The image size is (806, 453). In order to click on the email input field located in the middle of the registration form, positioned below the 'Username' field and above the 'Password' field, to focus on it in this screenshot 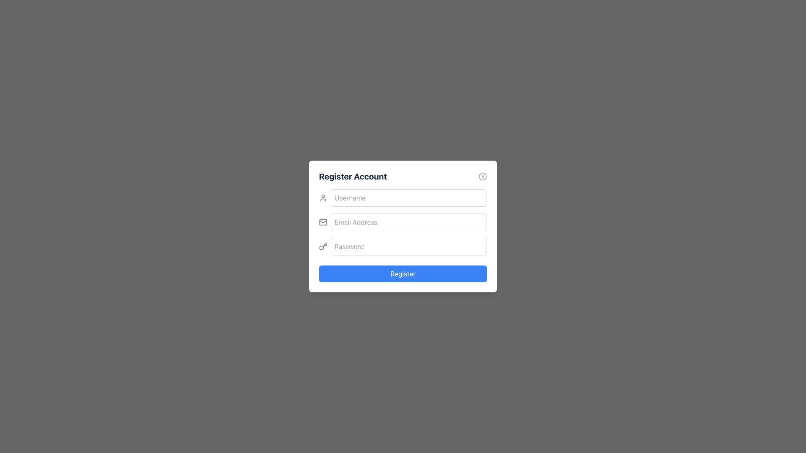, I will do `click(403, 221)`.